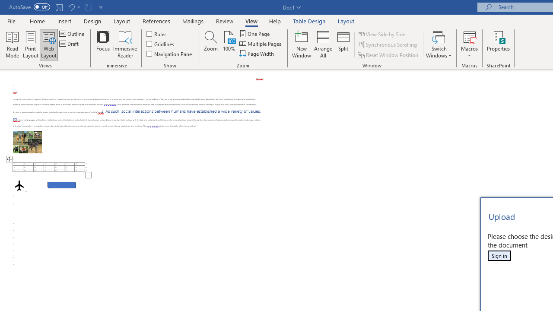  I want to click on 'Split', so click(343, 44).